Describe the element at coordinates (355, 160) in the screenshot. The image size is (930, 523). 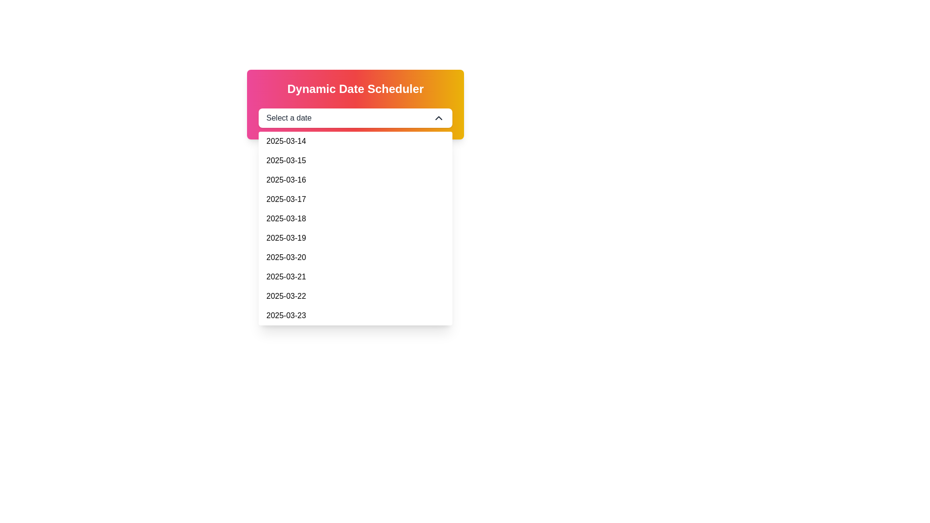
I see `the second list item in the date selection dropdown under 'Dynamic Date Scheduler'` at that location.